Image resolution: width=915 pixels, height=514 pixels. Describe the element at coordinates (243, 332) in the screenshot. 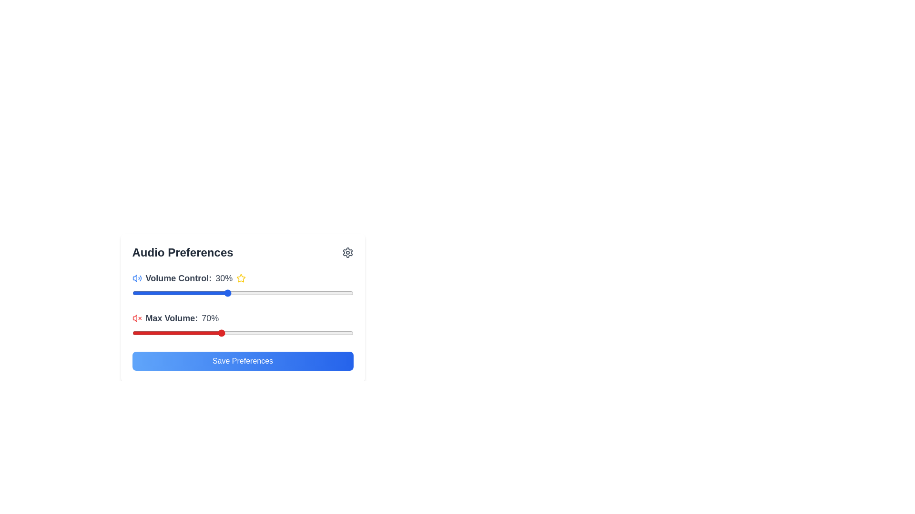

I see `the horizontal red slider located beneath the text 'Max Volume: 70%' in the 'Audio Preferences' section` at that location.